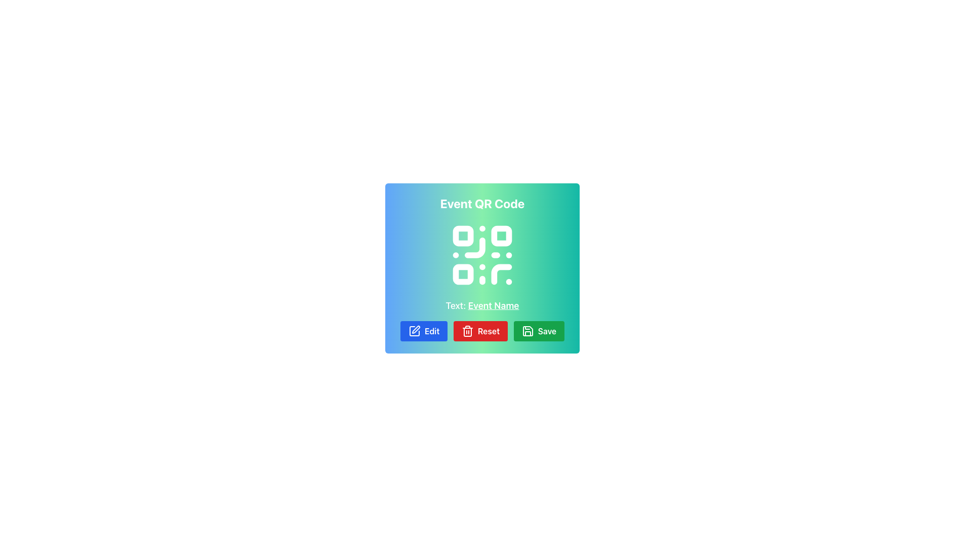 The height and width of the screenshot is (547, 972). What do you see at coordinates (424, 331) in the screenshot?
I see `the leftmost blue button labeled 'Edit' with a pen icon` at bounding box center [424, 331].